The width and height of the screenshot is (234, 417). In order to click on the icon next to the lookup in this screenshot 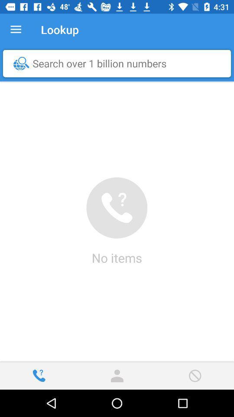, I will do `click(16, 30)`.